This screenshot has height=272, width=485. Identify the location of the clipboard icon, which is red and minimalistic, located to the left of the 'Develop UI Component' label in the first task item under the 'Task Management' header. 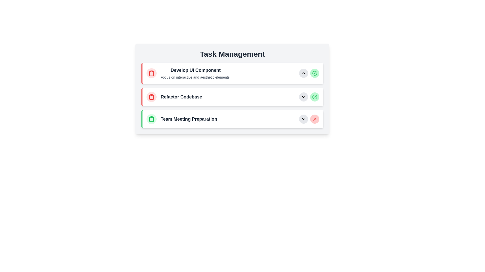
(151, 73).